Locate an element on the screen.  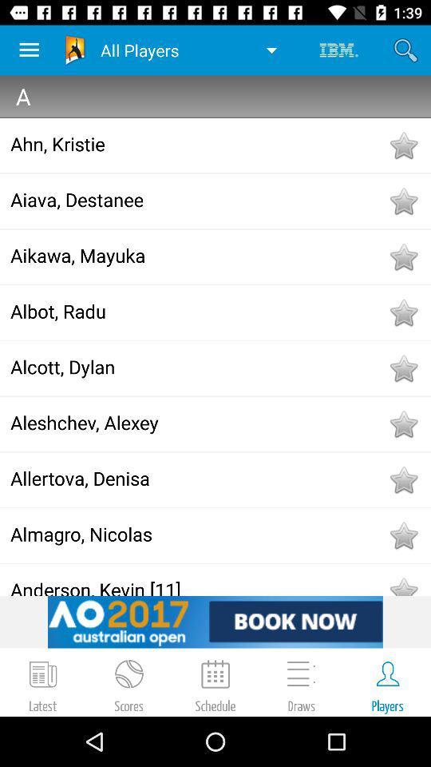
almagro, nicolas icon is located at coordinates (198, 534).